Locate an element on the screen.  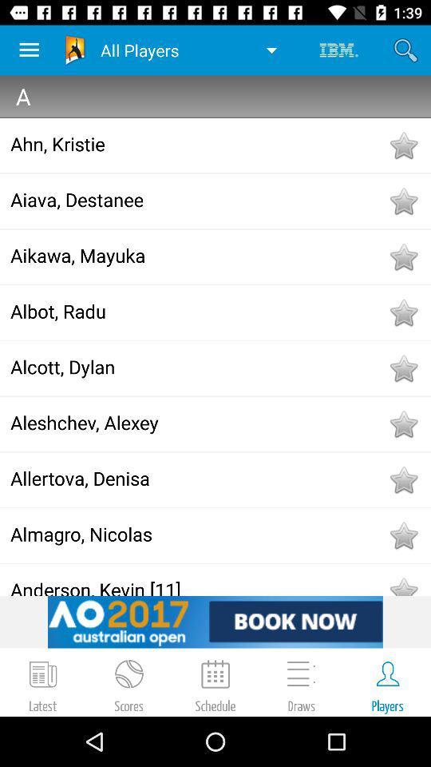
almagro, nicolas icon is located at coordinates (198, 534).